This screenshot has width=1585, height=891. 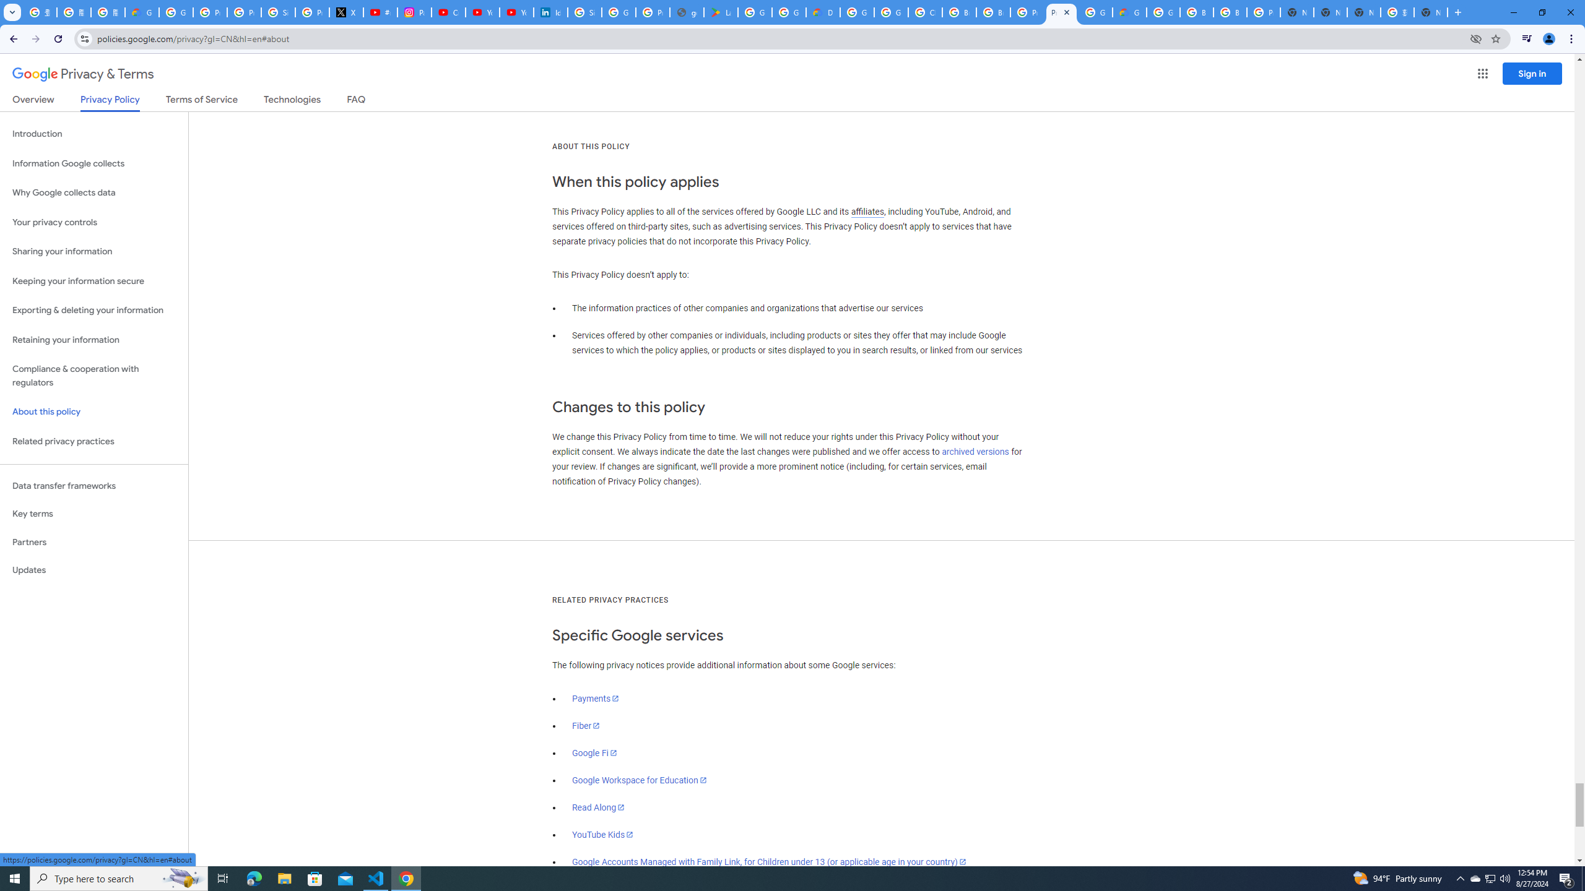 I want to click on 'Keeping your information secure', so click(x=93, y=282).